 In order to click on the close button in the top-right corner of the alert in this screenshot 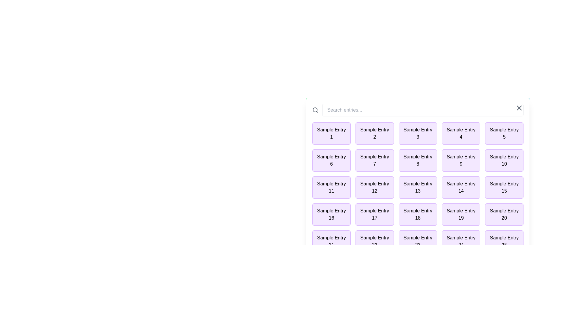, I will do `click(519, 107)`.